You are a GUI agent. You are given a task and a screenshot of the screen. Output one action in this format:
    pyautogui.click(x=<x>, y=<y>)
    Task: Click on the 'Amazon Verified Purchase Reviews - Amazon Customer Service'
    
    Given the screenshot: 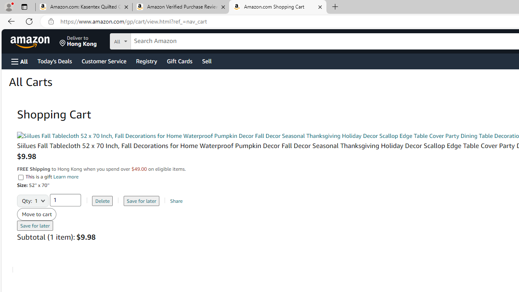 What is the action you would take?
    pyautogui.click(x=180, y=7)
    